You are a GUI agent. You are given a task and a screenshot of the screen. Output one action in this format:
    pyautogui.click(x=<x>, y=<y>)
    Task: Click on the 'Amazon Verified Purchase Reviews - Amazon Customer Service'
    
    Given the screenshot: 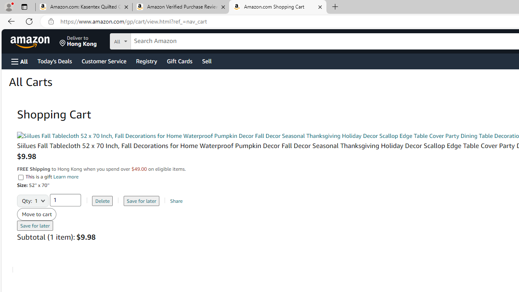 What is the action you would take?
    pyautogui.click(x=180, y=7)
    